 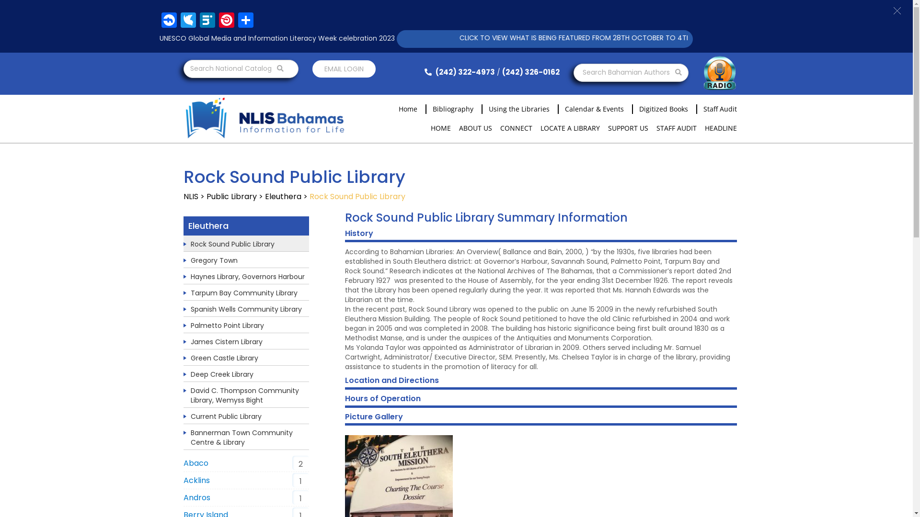 What do you see at coordinates (457, 71) in the screenshot?
I see `'(242) 322-4973'` at bounding box center [457, 71].